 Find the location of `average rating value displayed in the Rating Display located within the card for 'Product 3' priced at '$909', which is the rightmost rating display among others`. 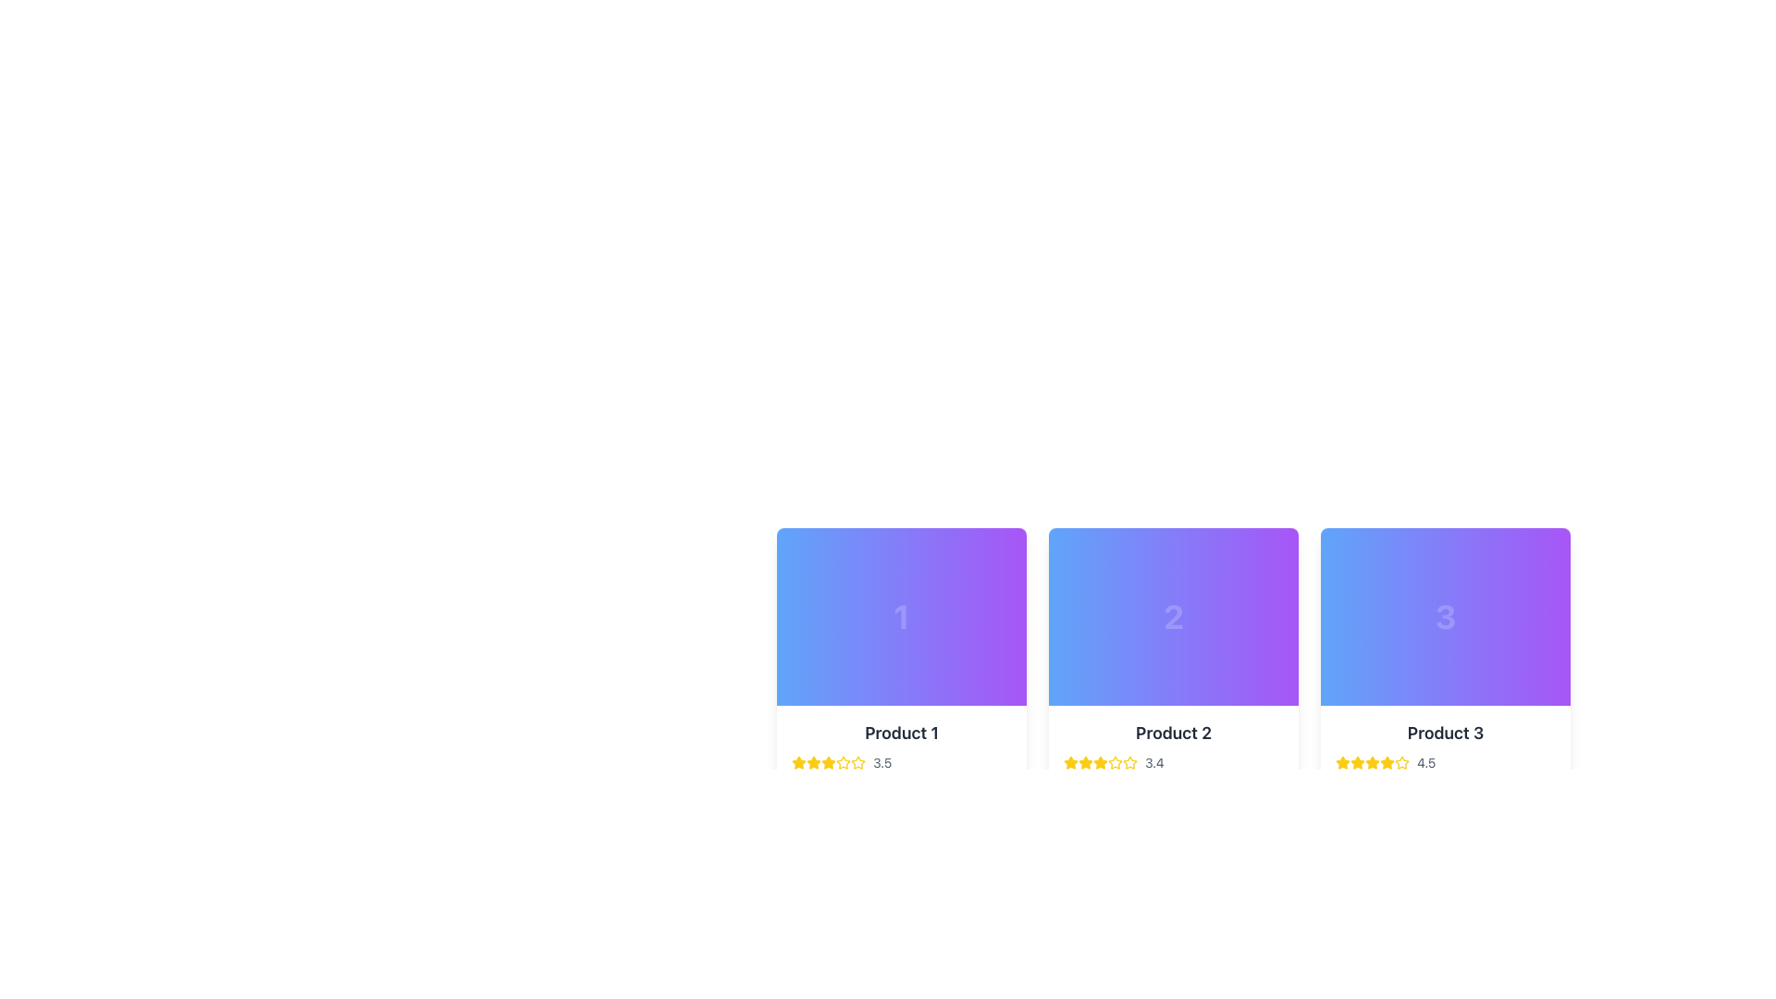

average rating value displayed in the Rating Display located within the card for 'Product 3' priced at '$909', which is the rightmost rating display among others is located at coordinates (1445, 763).